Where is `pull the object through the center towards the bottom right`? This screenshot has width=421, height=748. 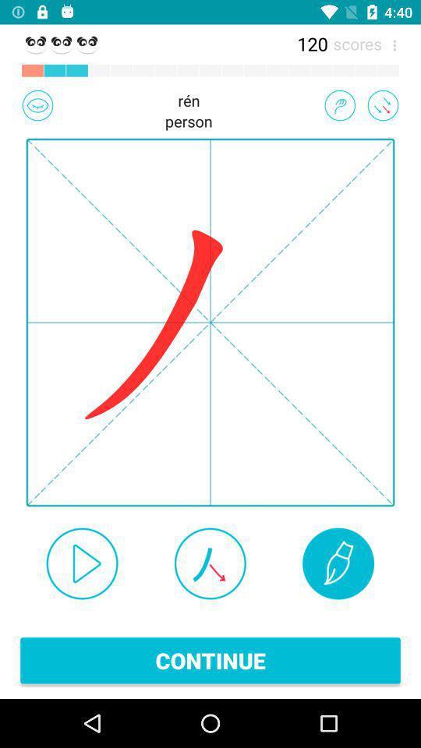
pull the object through the center towards the bottom right is located at coordinates (382, 104).